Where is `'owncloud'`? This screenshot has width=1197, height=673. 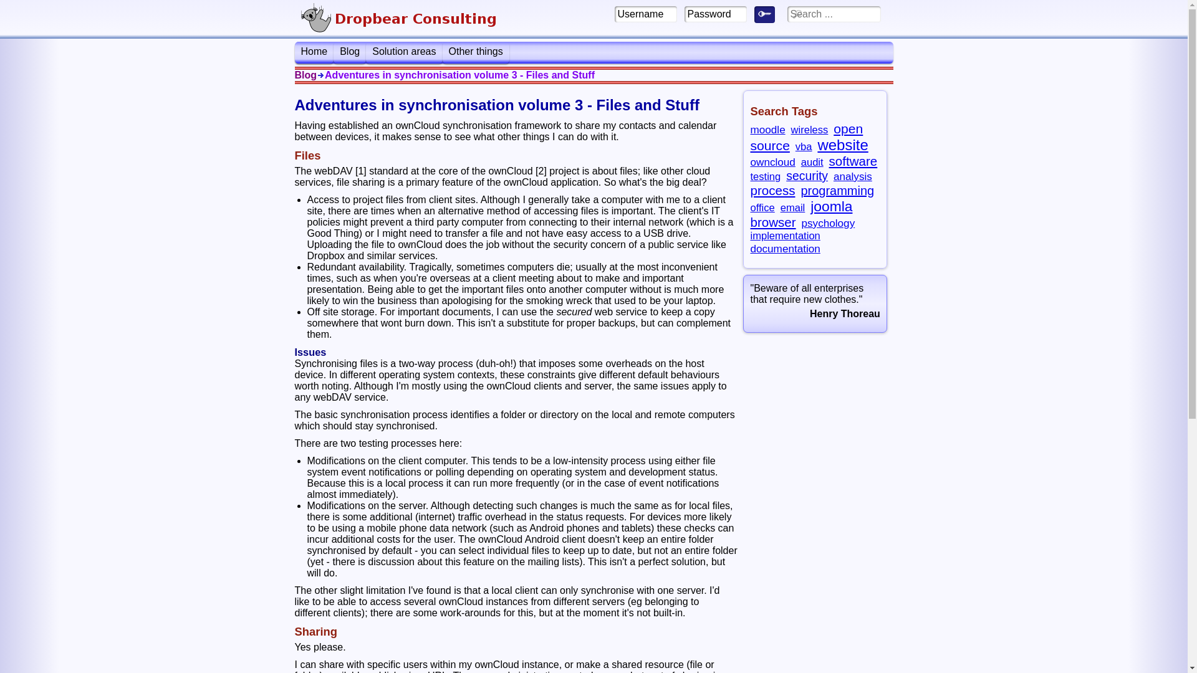
'owncloud' is located at coordinates (749, 161).